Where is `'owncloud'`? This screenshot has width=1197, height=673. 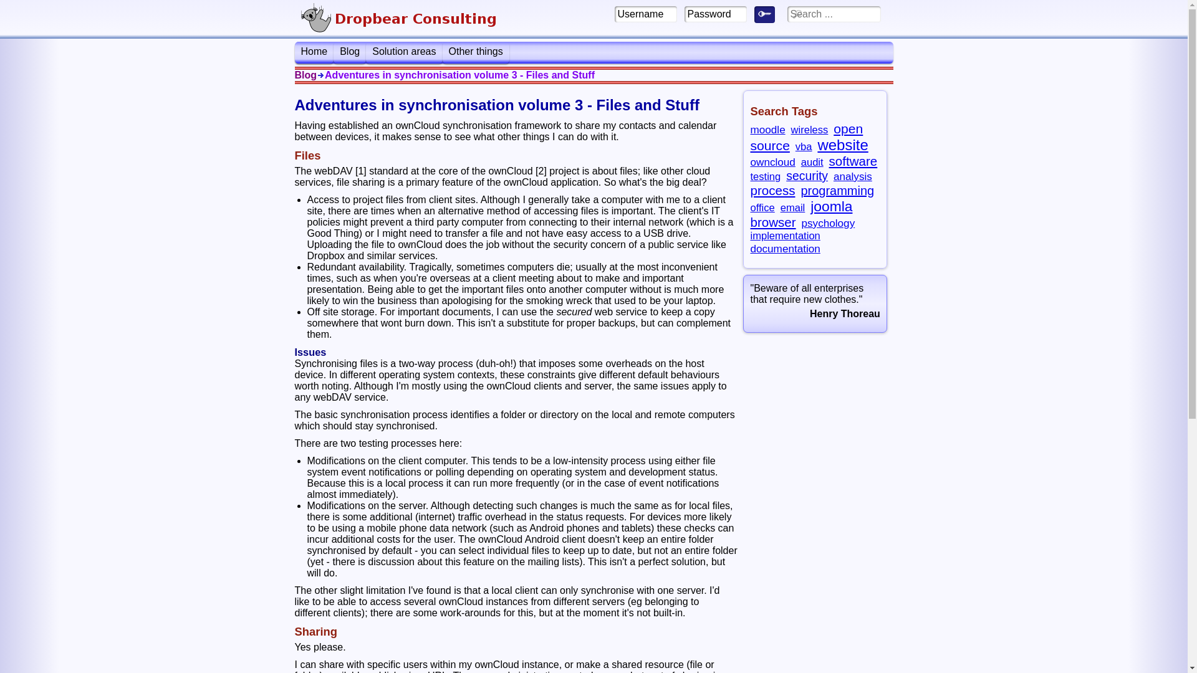
'owncloud' is located at coordinates (749, 161).